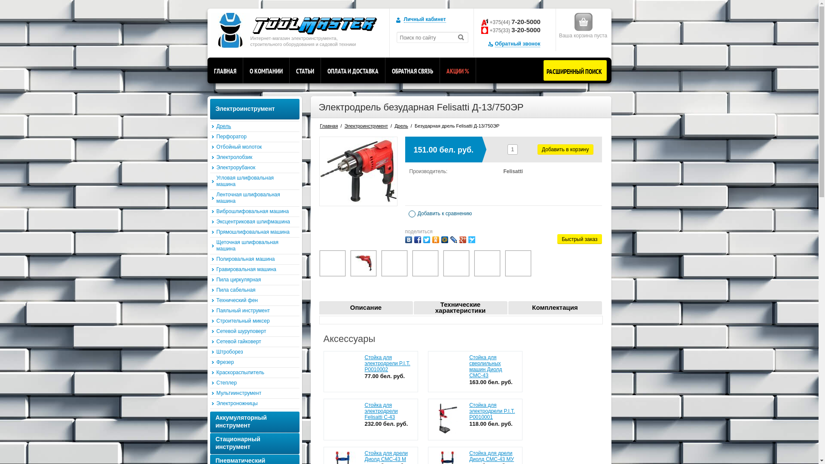  What do you see at coordinates (515, 21) in the screenshot?
I see `'+375(44)7-20-5000'` at bounding box center [515, 21].